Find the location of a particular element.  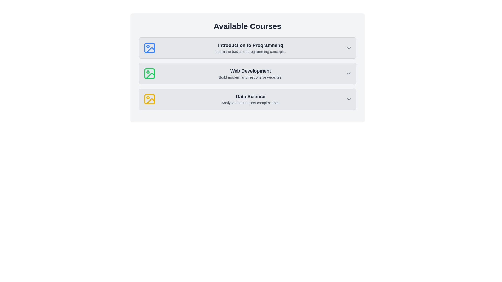

the second item is located at coordinates (247, 73).